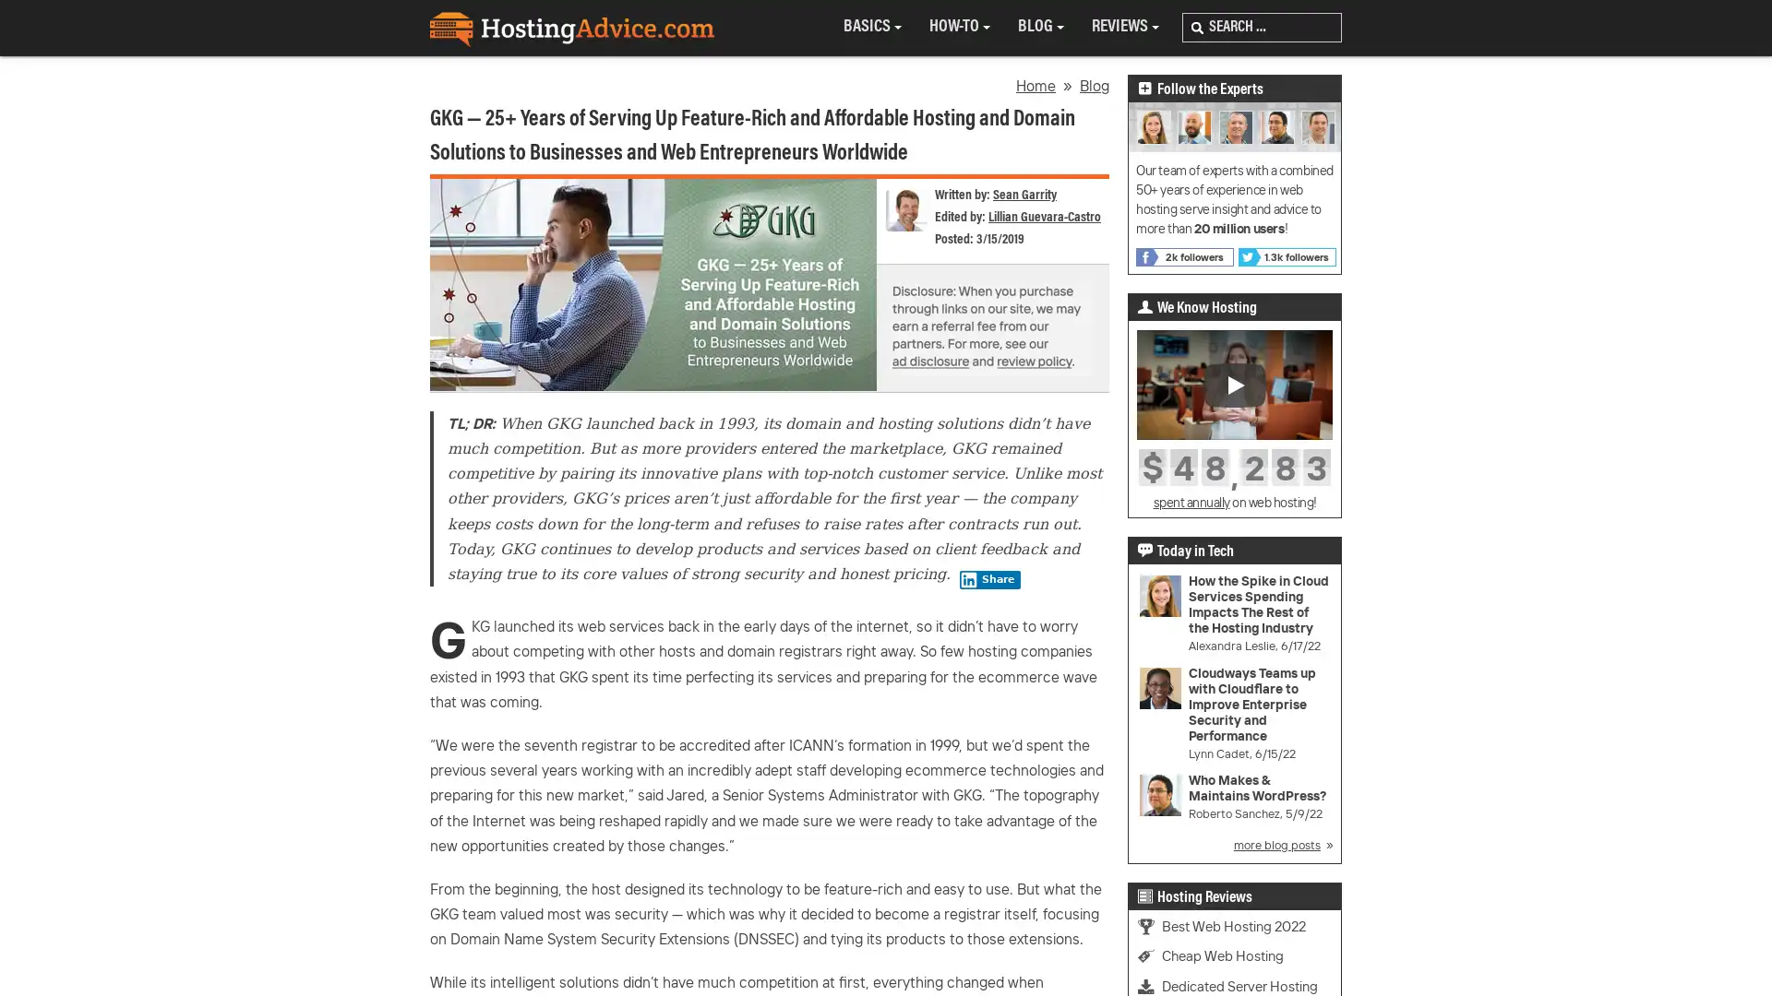 This screenshot has width=1772, height=996. Describe the element at coordinates (1197, 28) in the screenshot. I see `Search` at that location.